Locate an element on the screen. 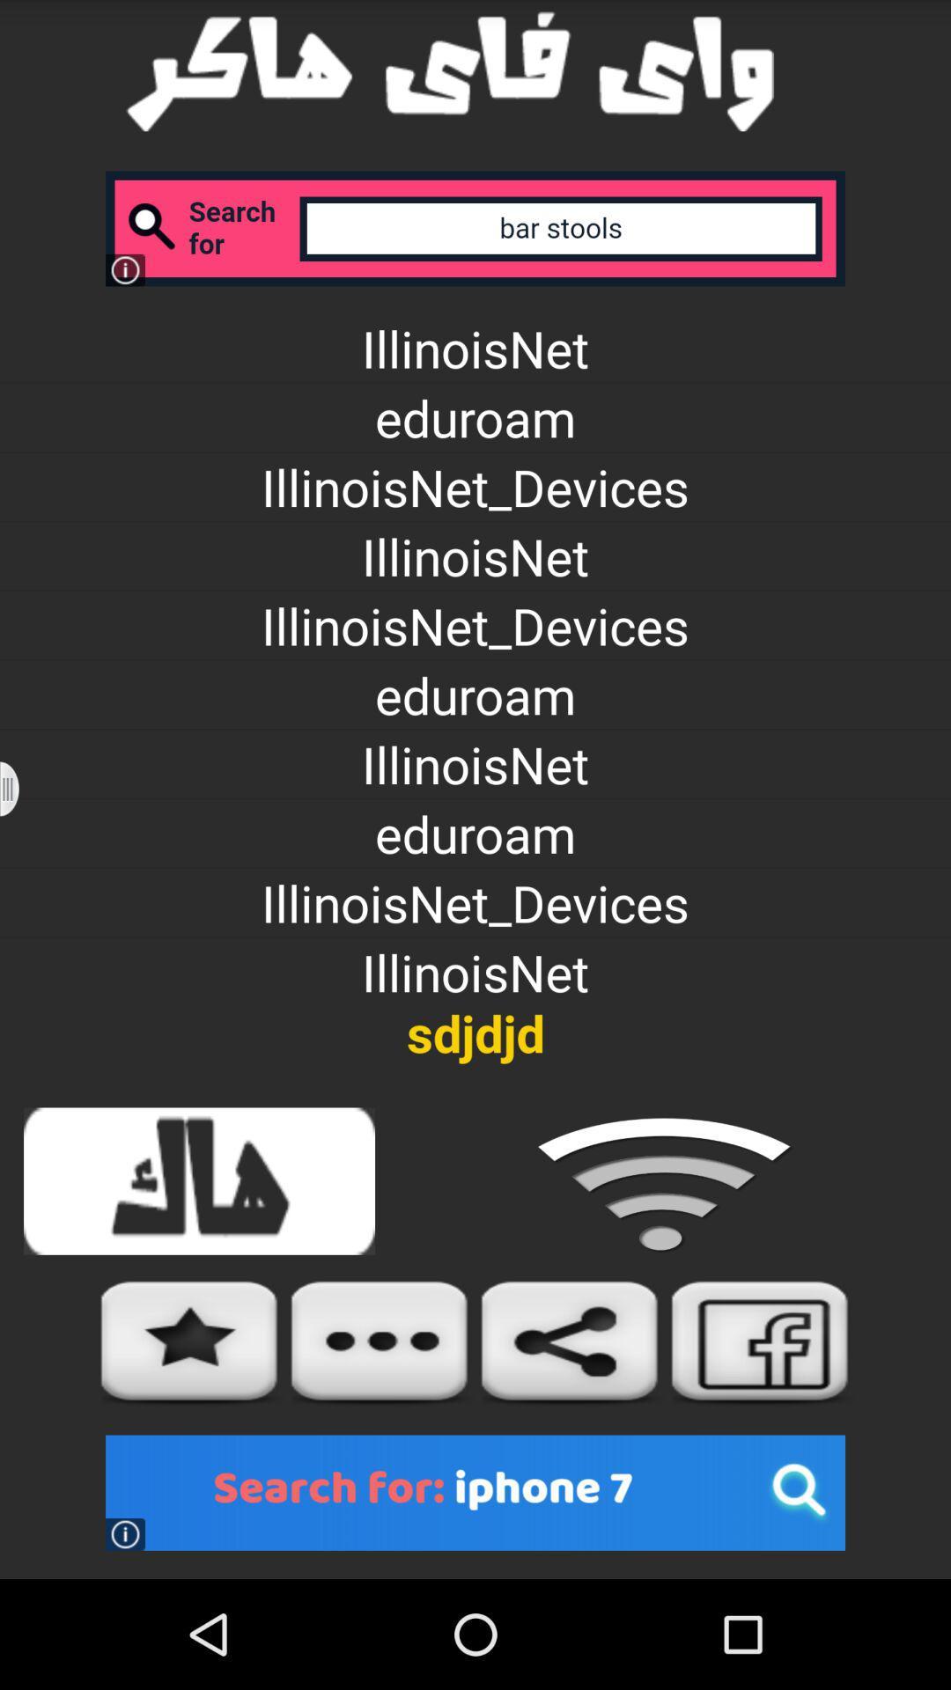 This screenshot has width=951, height=1690. the item next to the illinoisnet icon is located at coordinates (20, 788).